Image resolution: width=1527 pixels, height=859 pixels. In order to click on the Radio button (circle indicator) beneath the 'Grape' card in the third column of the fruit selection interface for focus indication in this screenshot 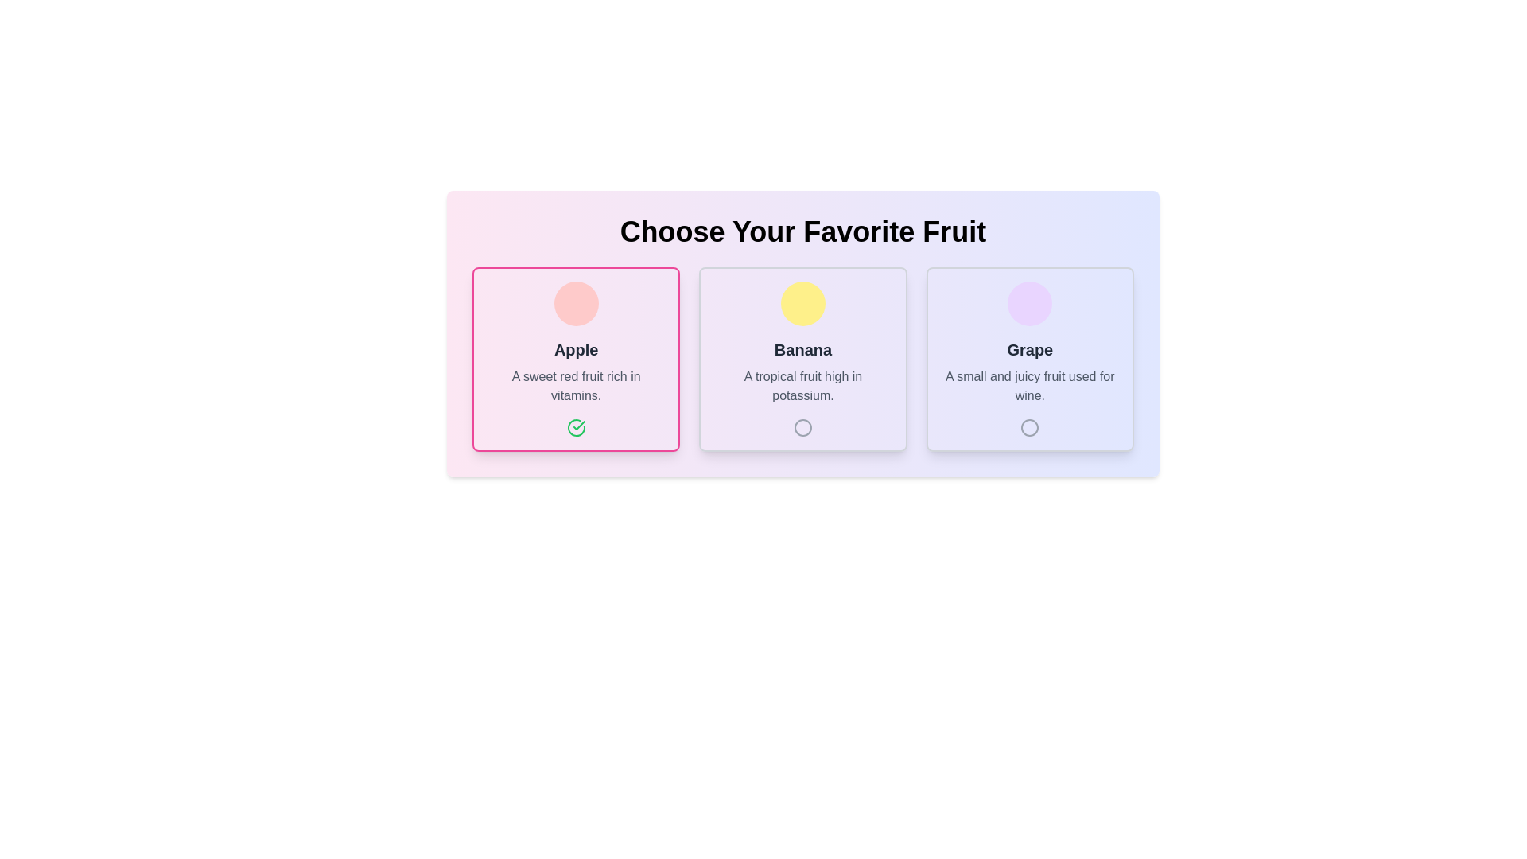, I will do `click(1030, 426)`.